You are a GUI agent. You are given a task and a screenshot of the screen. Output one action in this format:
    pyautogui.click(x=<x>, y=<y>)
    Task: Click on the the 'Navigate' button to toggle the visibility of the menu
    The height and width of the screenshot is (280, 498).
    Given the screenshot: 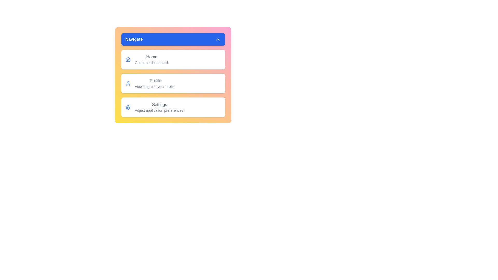 What is the action you would take?
    pyautogui.click(x=173, y=39)
    